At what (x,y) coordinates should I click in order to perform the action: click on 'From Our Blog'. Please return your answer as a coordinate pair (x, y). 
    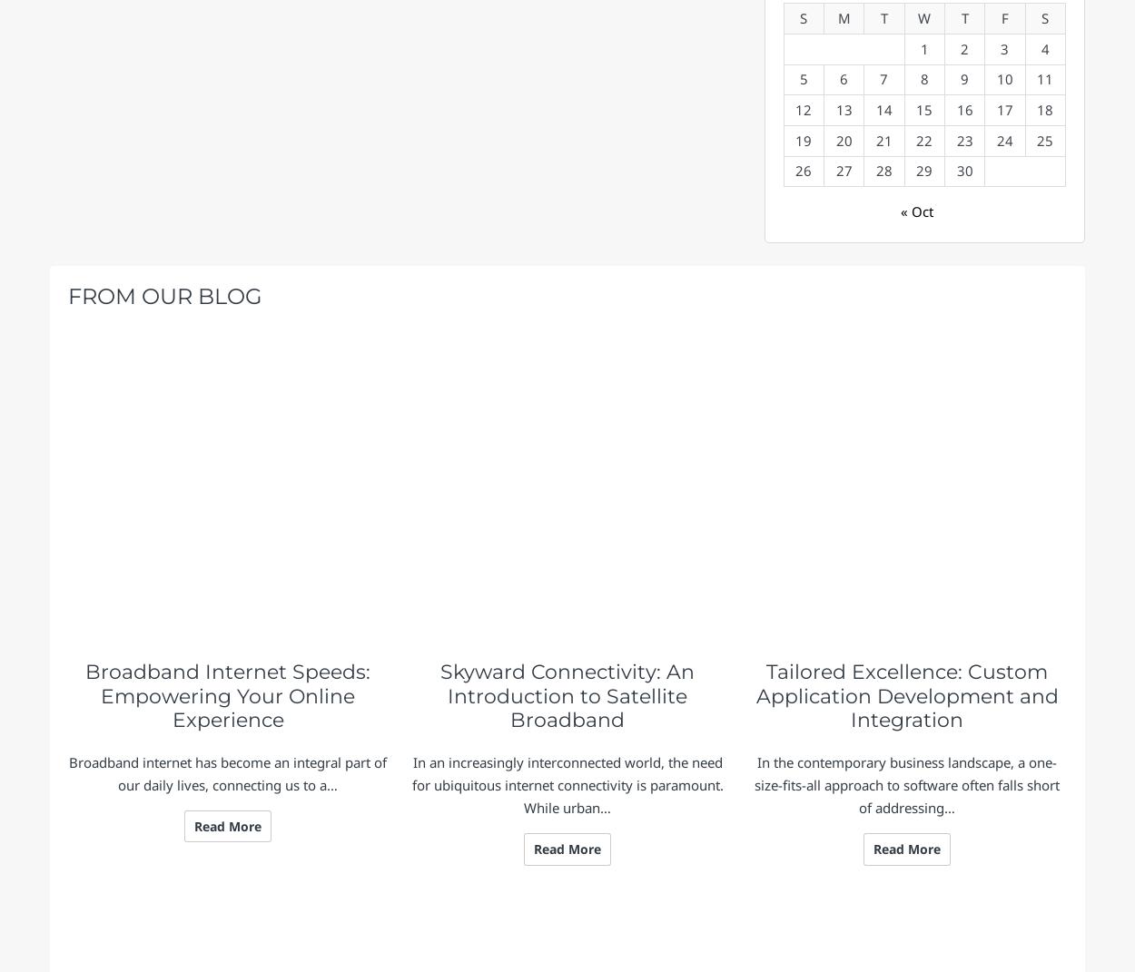
    Looking at the image, I should click on (165, 294).